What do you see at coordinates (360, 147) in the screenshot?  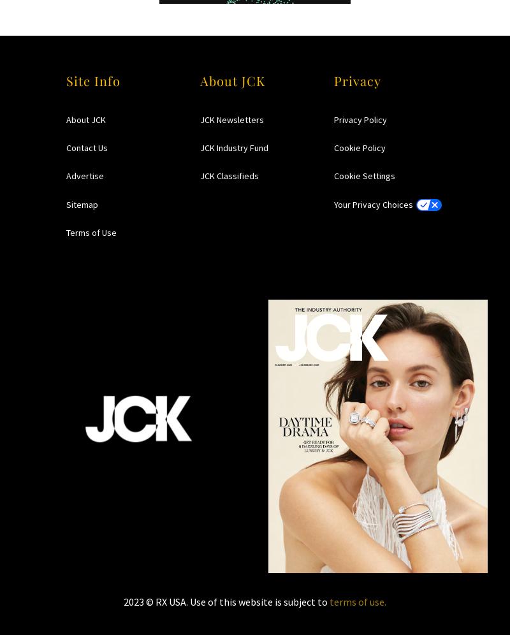 I see `'Cookie Policy'` at bounding box center [360, 147].